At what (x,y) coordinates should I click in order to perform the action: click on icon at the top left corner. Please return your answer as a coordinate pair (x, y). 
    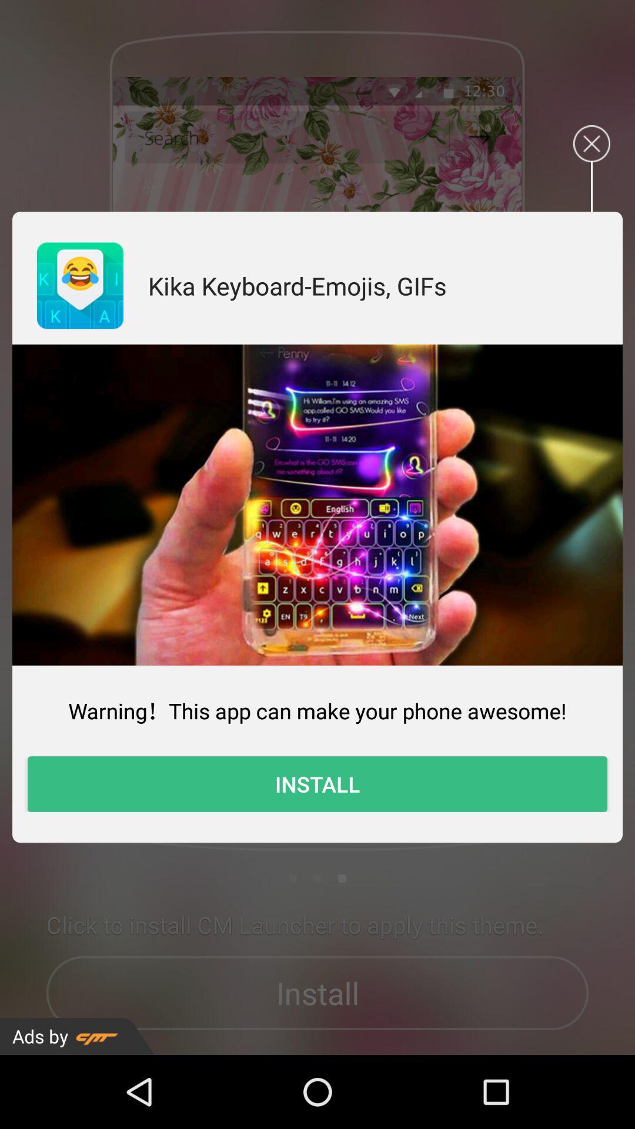
    Looking at the image, I should click on (79, 285).